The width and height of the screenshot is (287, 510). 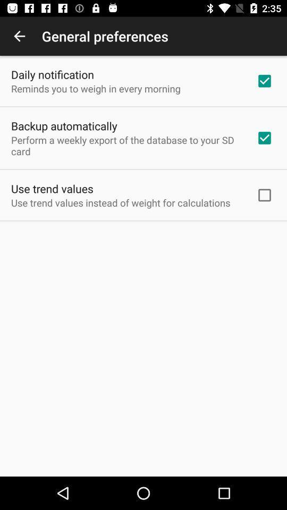 I want to click on the reminds you to item, so click(x=96, y=88).